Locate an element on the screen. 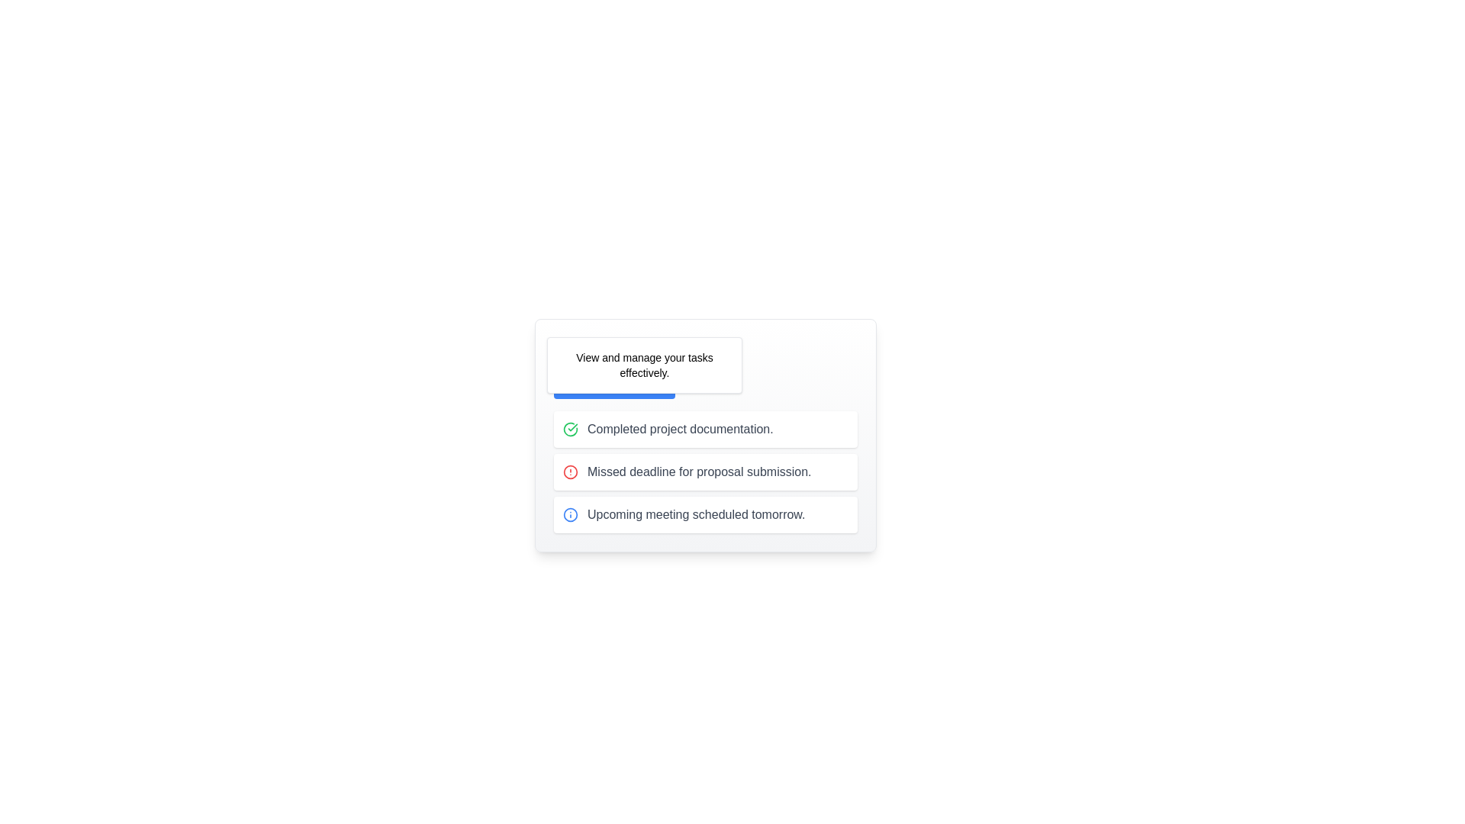  the 'Manage Tasks' button, which is a rectangular button with a blue background and white text located at the bottom of a task card is located at coordinates (614, 382).